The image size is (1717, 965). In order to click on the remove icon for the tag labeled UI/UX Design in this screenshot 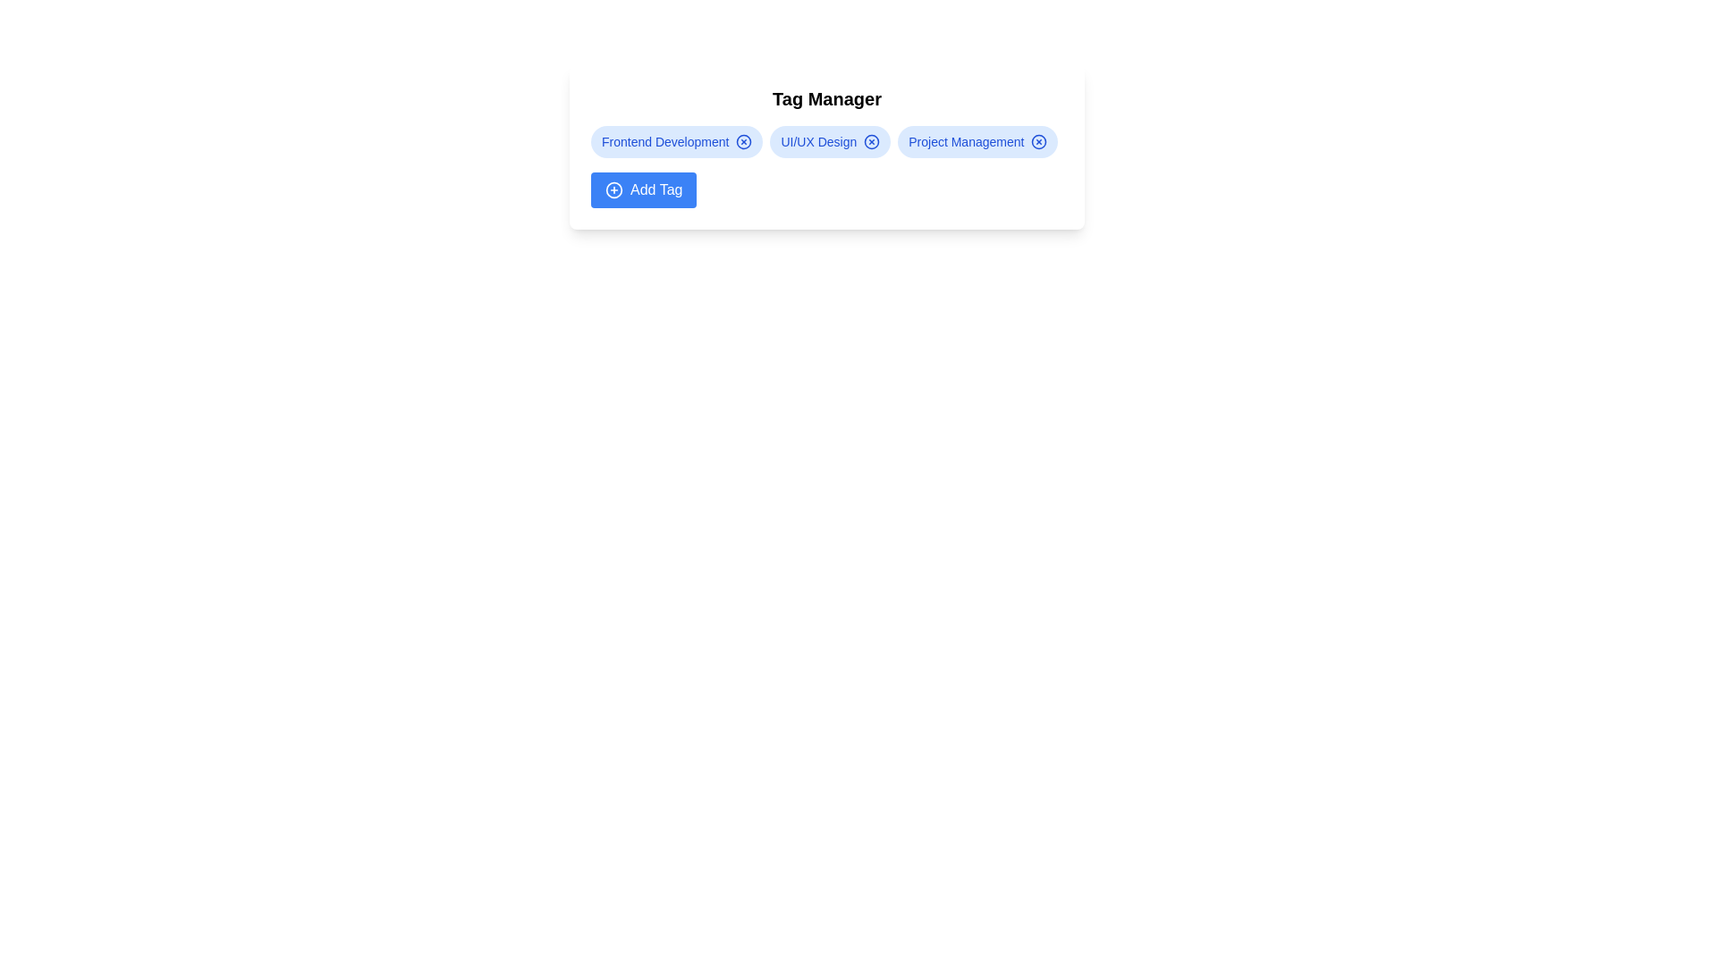, I will do `click(872, 140)`.